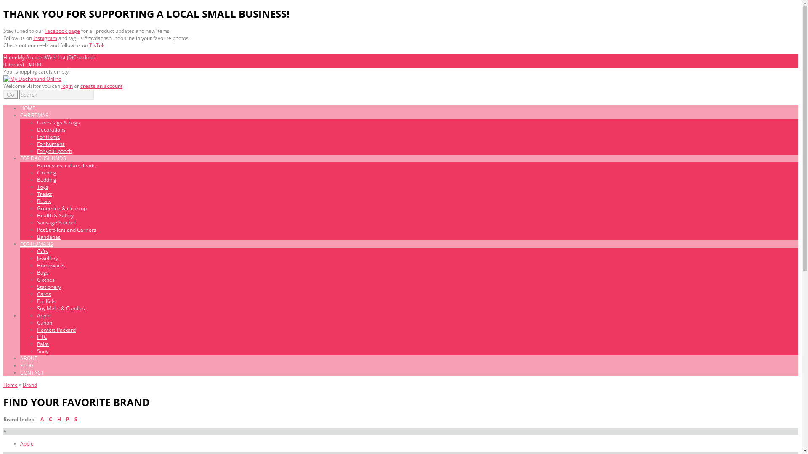 Image resolution: width=808 pixels, height=454 pixels. What do you see at coordinates (50, 143) in the screenshot?
I see `'For humans'` at bounding box center [50, 143].